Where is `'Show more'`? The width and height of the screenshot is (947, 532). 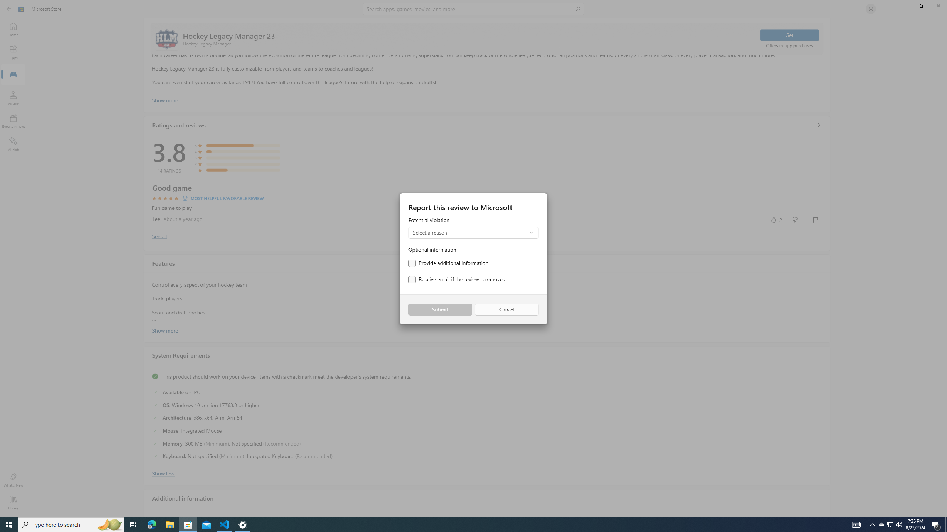
'Show more' is located at coordinates (165, 330).